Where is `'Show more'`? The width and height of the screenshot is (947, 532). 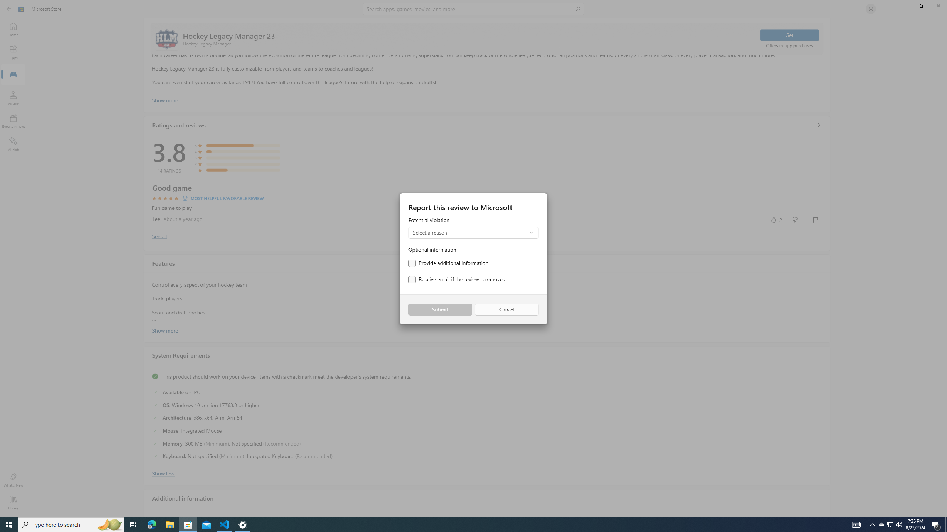
'Show more' is located at coordinates (165, 330).